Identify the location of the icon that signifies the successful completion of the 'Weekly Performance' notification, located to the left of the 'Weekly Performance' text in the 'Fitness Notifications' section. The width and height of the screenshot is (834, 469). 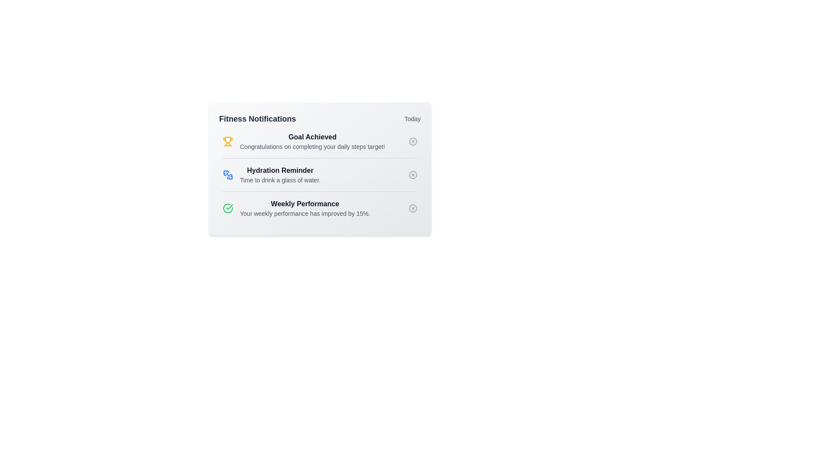
(228, 208).